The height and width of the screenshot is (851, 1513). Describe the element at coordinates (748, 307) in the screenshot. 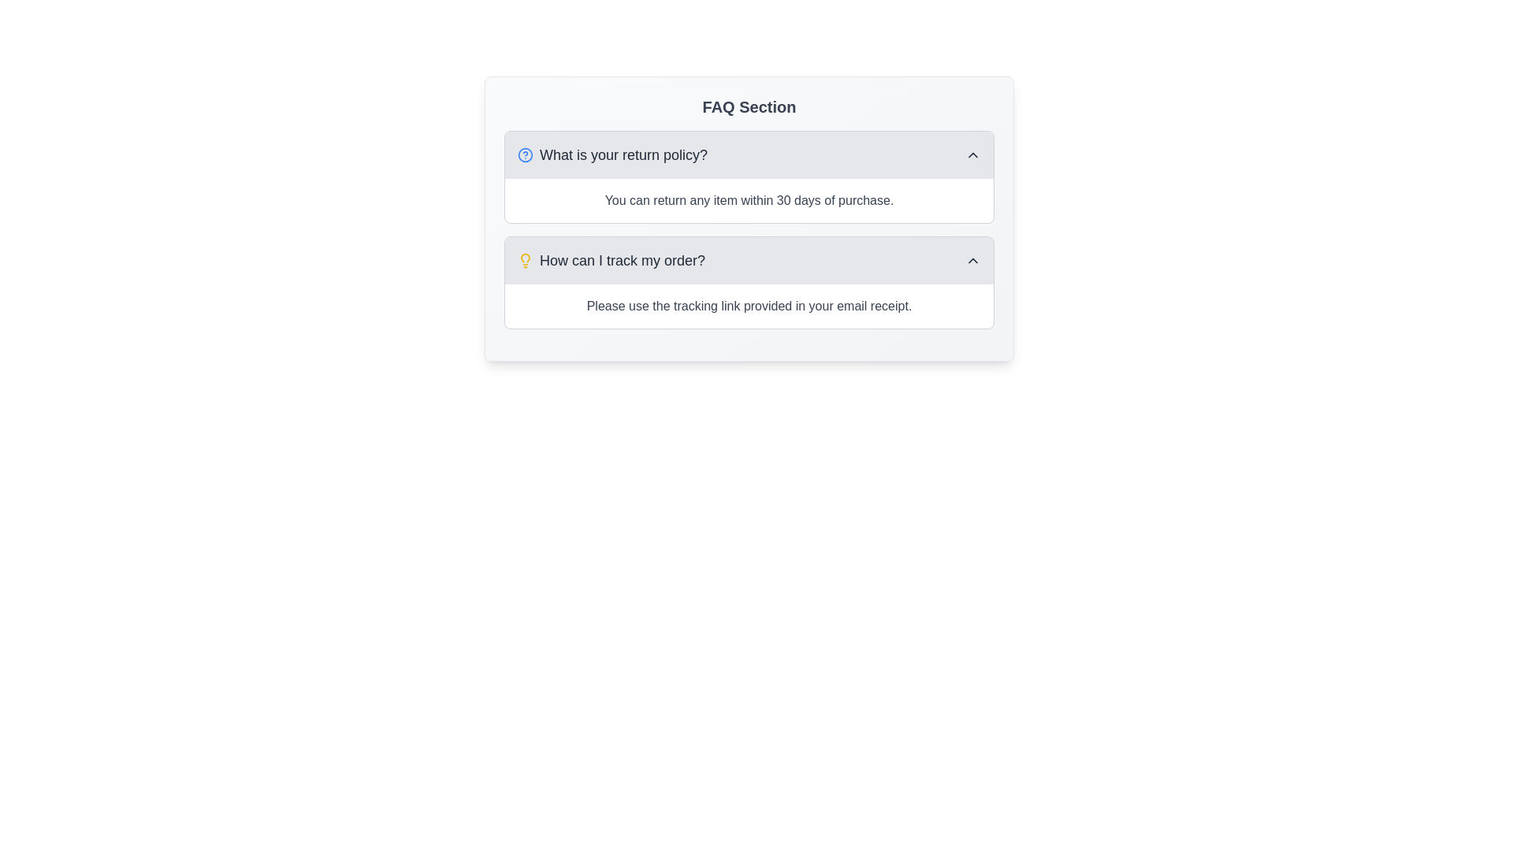

I see `the Static Text Content that provides instructions for tracking orders, located beneath the header 'How can I track my order?'` at that location.